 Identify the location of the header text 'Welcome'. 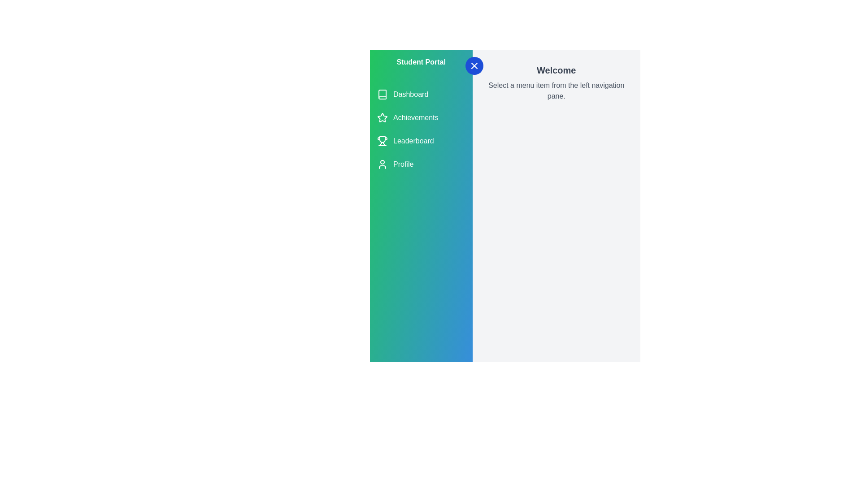
(556, 70).